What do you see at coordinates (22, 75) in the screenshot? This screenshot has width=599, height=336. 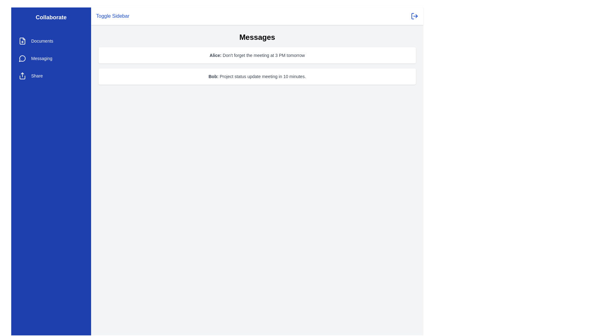 I see `the share icon located to the left of the 'Share' text in the sidebar, which is the third item below 'Documents' and 'Messaging'` at bounding box center [22, 75].